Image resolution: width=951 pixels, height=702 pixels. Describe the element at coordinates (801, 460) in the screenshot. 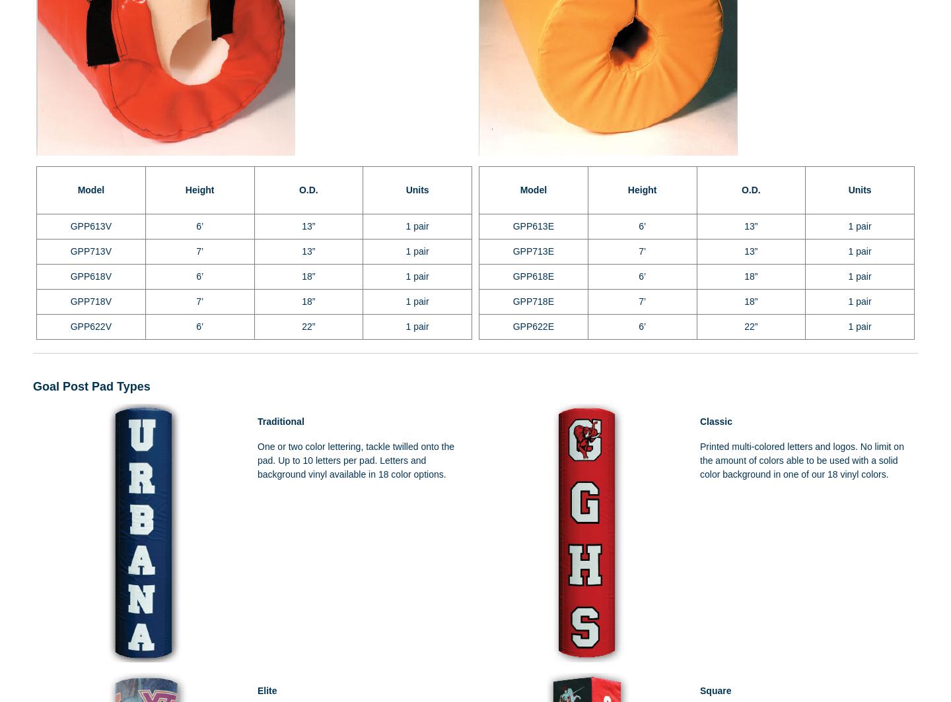

I see `'Printed multi-colored letters and logos. No limit on the amount of colors able to be used with a solid color background in one of our 18 vinyl colors.'` at that location.